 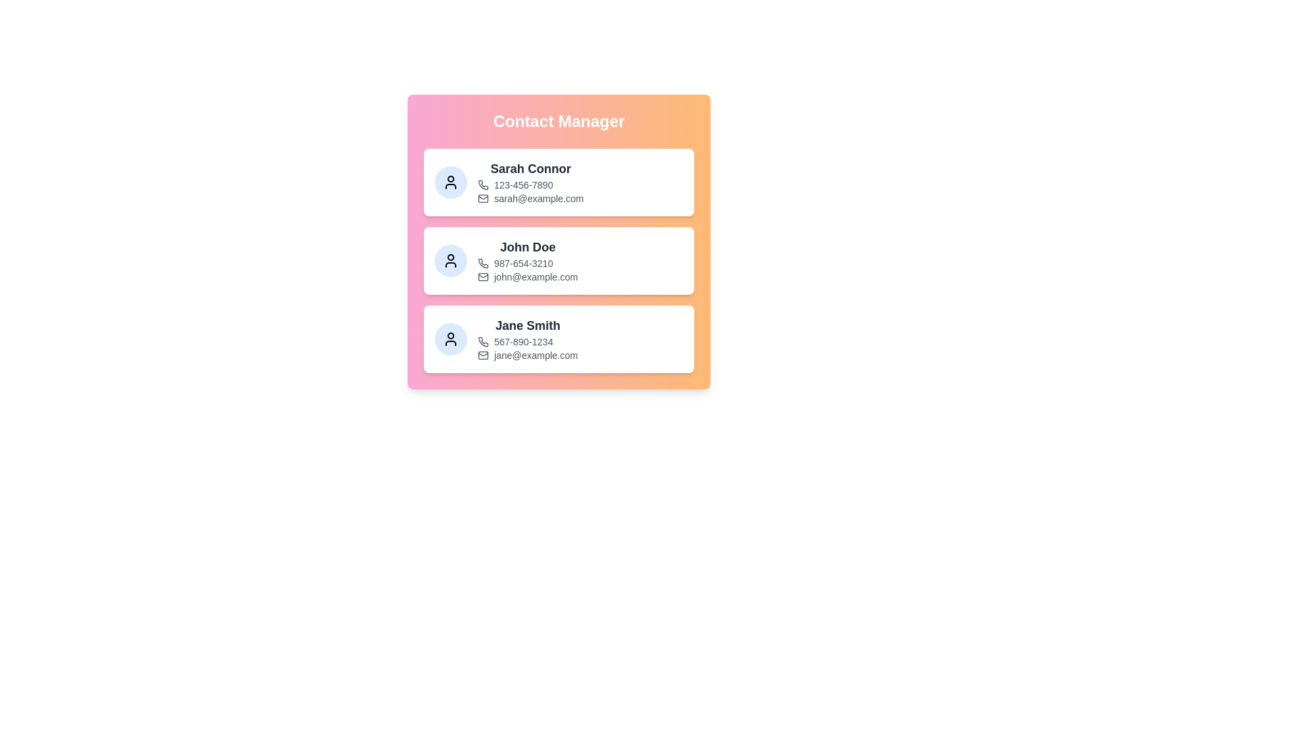 I want to click on the avatar of the contact specified by Sarah Connor, so click(x=451, y=182).